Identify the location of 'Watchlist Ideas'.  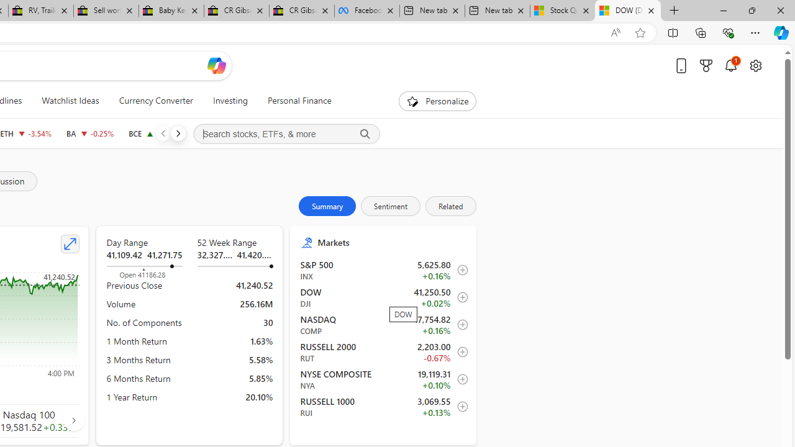
(70, 101).